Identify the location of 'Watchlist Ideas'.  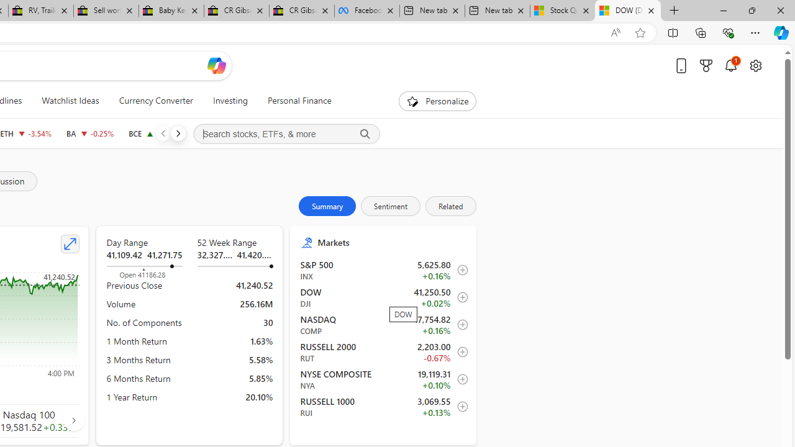
(70, 101).